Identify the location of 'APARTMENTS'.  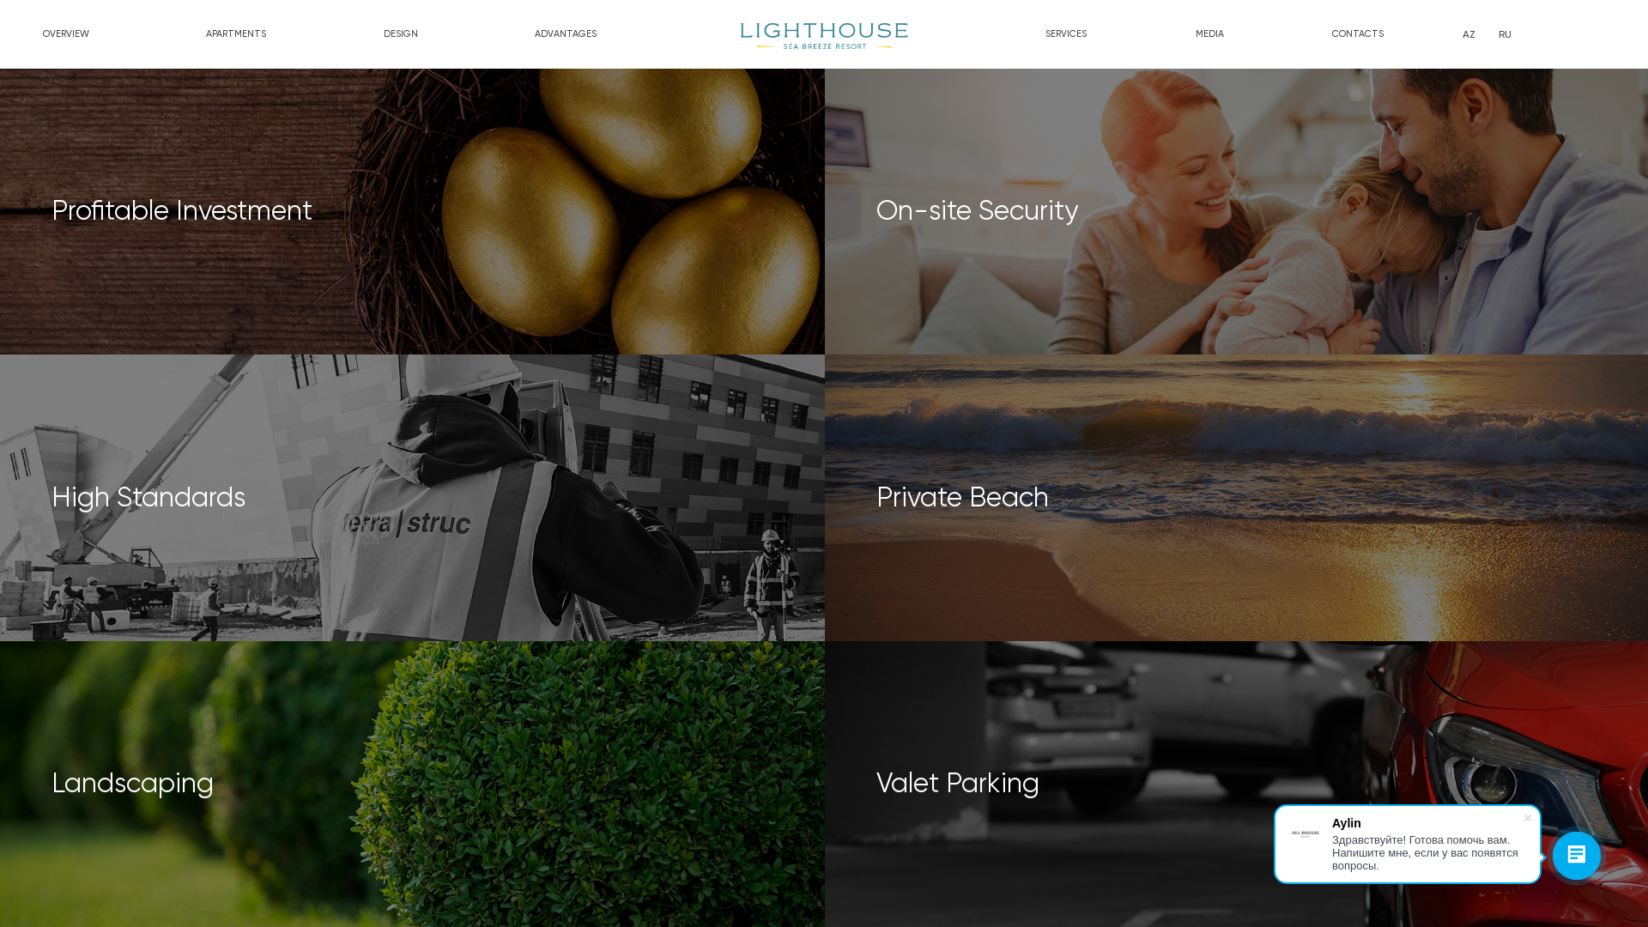
(206, 33).